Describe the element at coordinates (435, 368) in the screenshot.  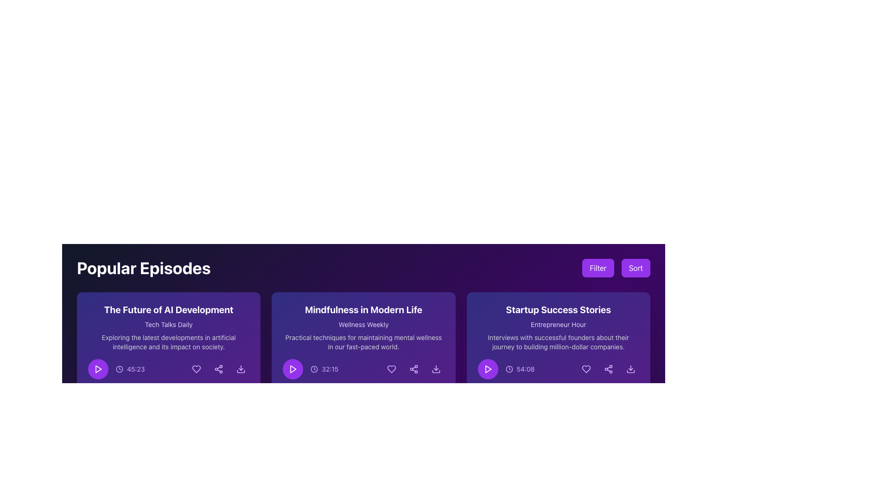
I see `the download button located at the bottom-right corner of the card labeled 'Mindfulness in Modern Life' to download the associated content` at that location.